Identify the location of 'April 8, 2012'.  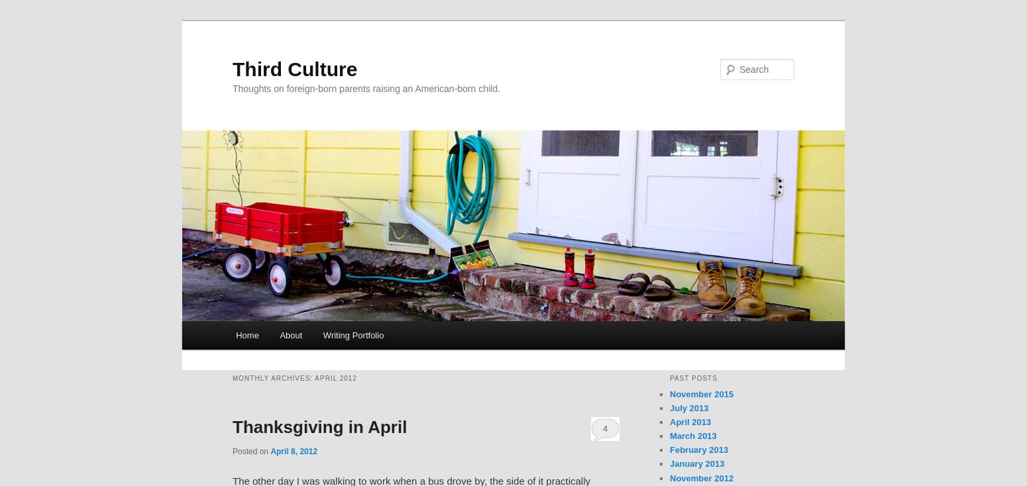
(294, 451).